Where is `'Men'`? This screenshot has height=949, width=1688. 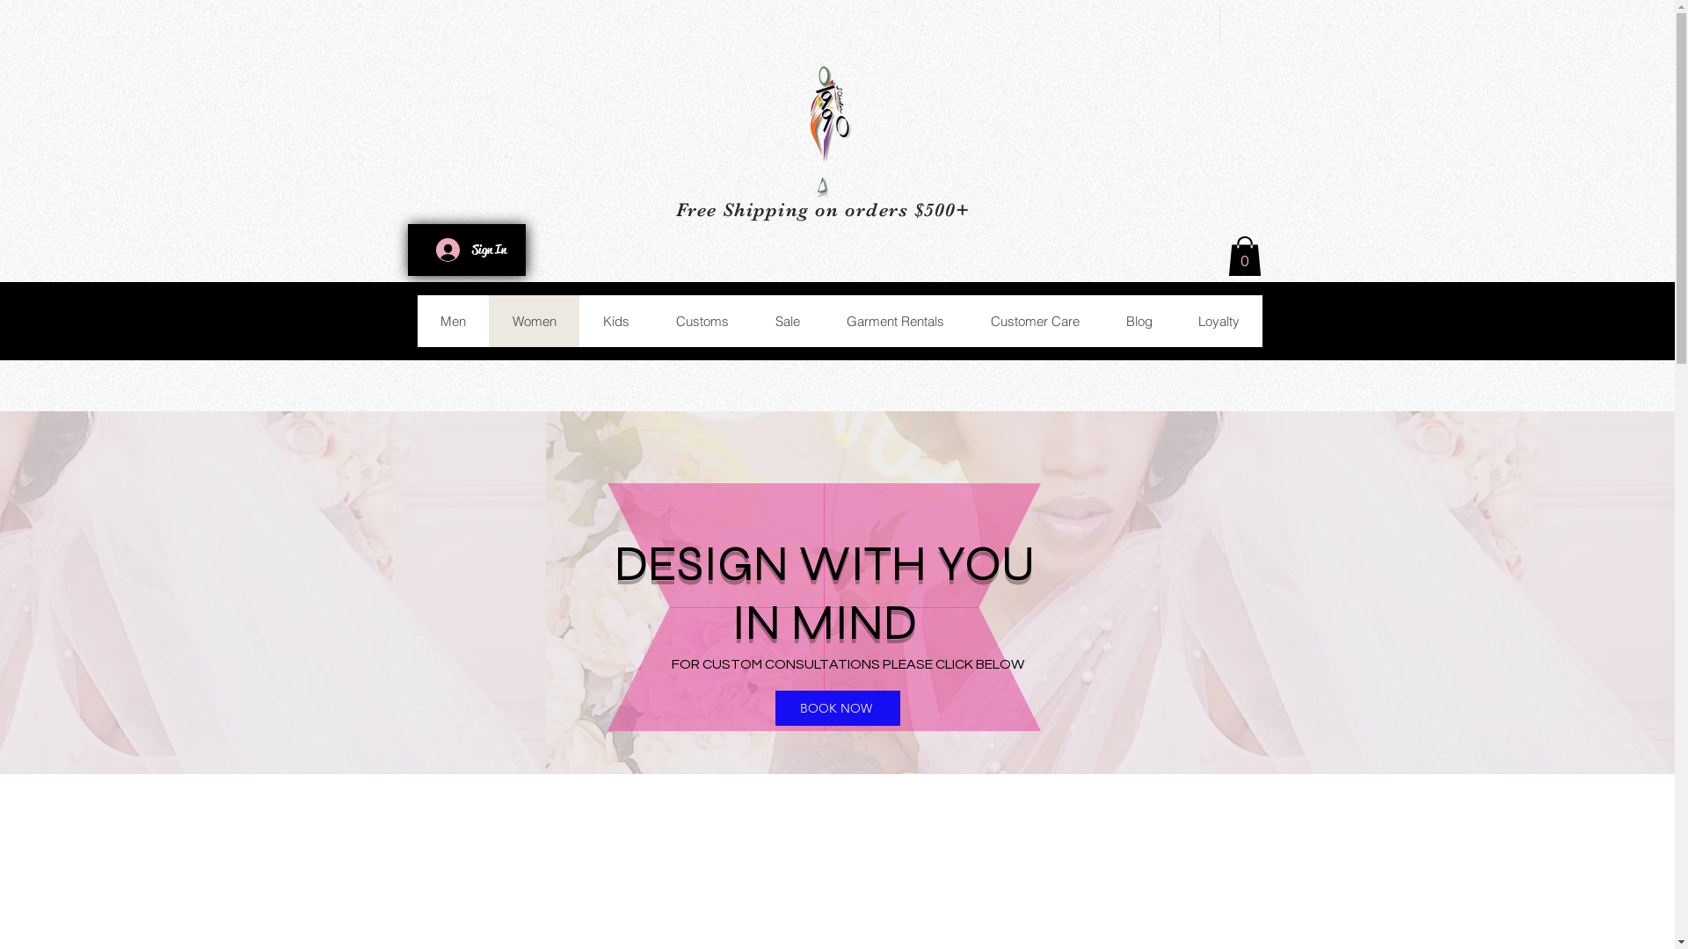
'Men' is located at coordinates (416, 321).